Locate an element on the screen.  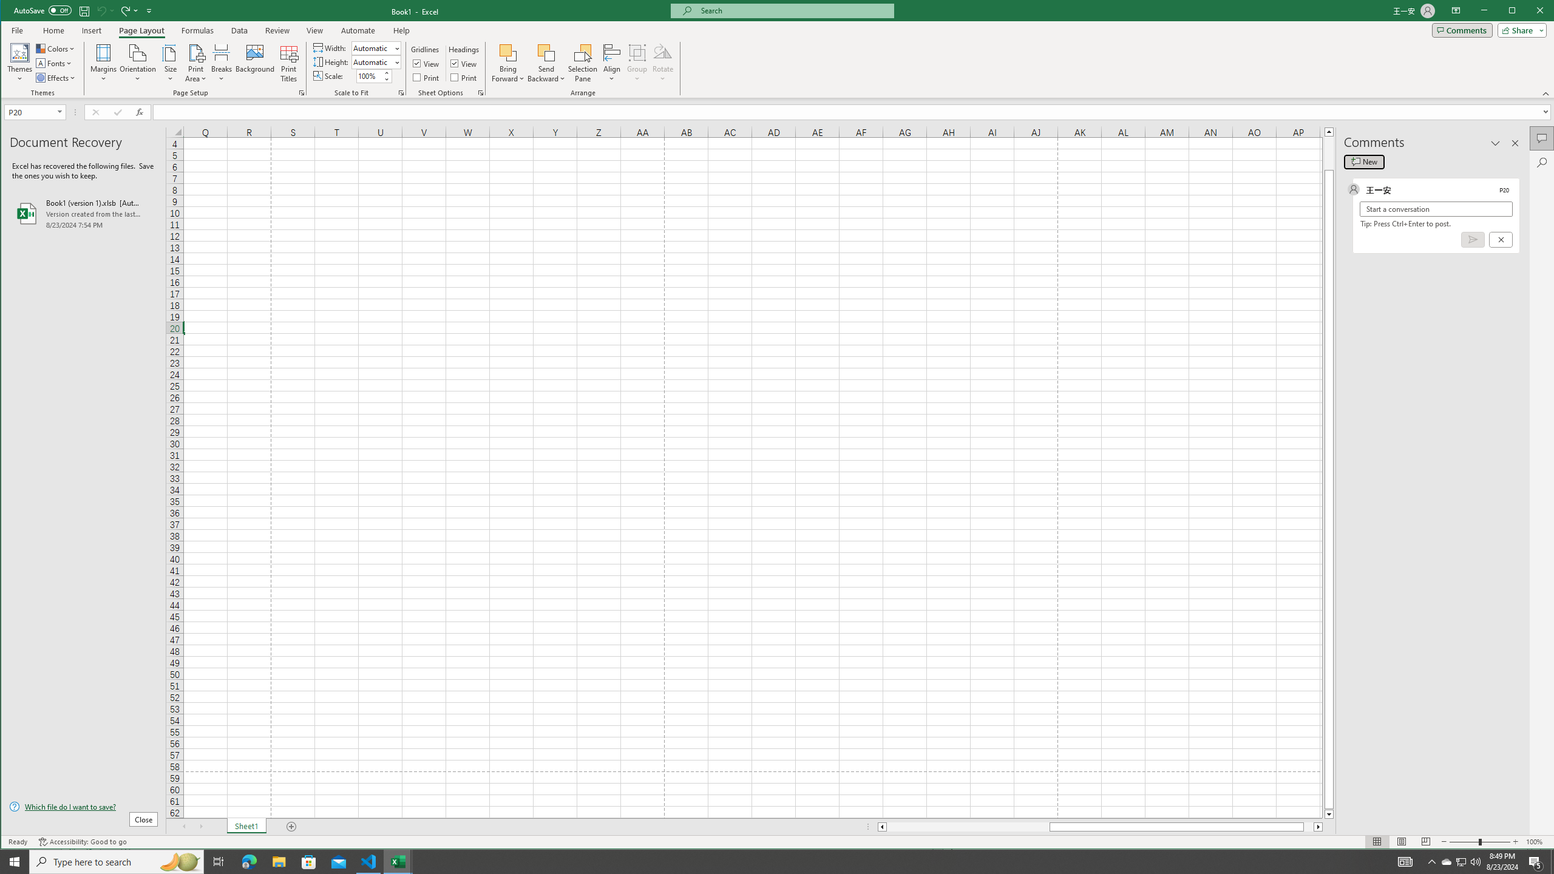
'Print Titles' is located at coordinates (289, 63).